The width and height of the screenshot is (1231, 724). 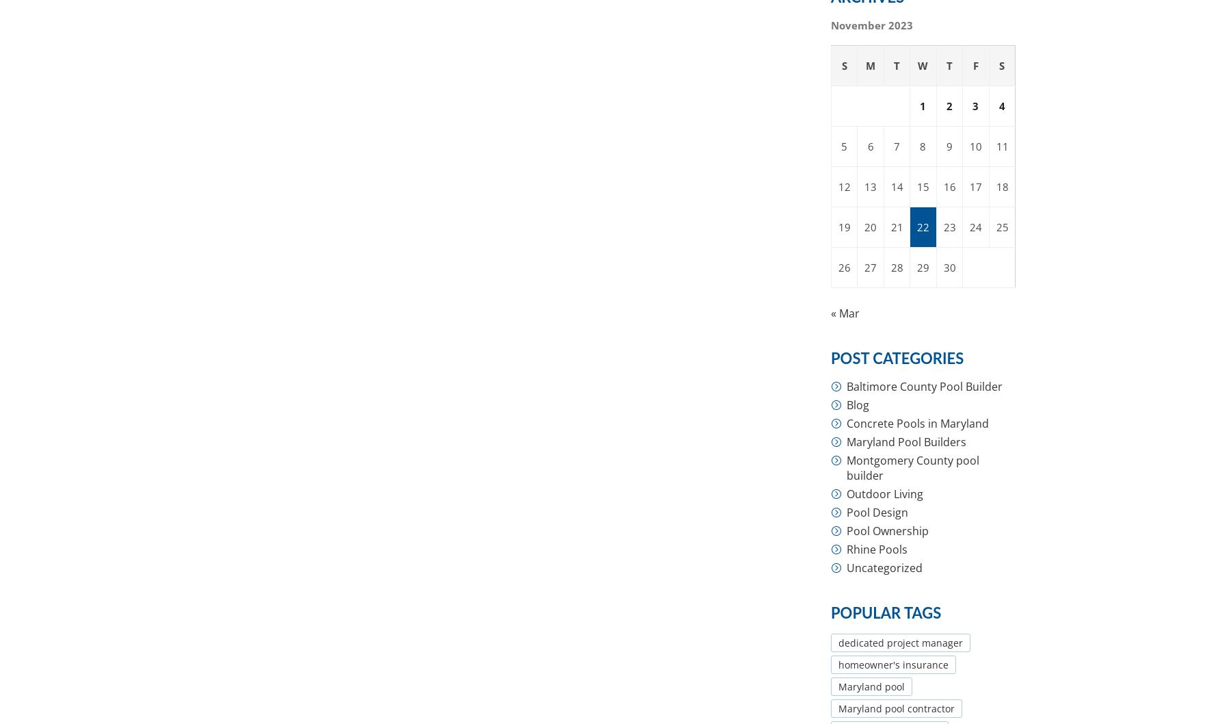 What do you see at coordinates (948, 105) in the screenshot?
I see `'2'` at bounding box center [948, 105].